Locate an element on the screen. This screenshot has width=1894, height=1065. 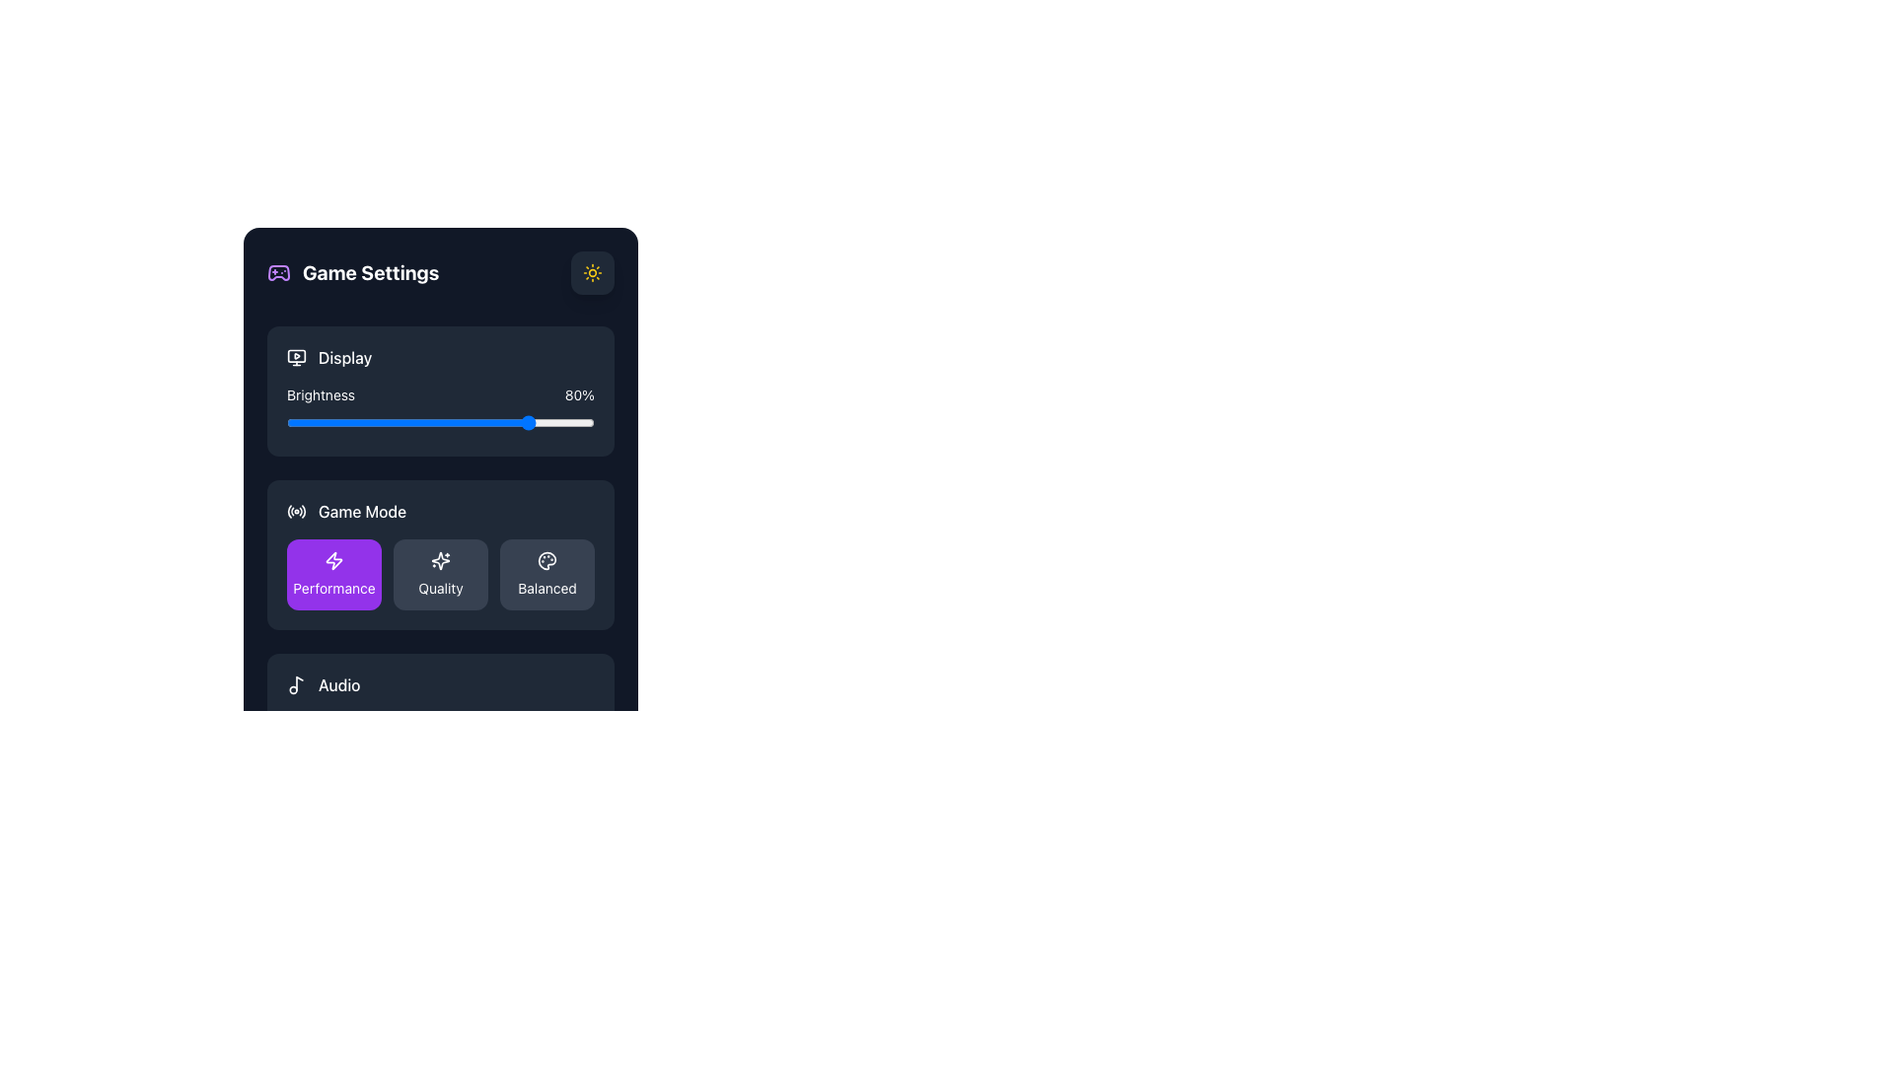
brightness is located at coordinates (351, 421).